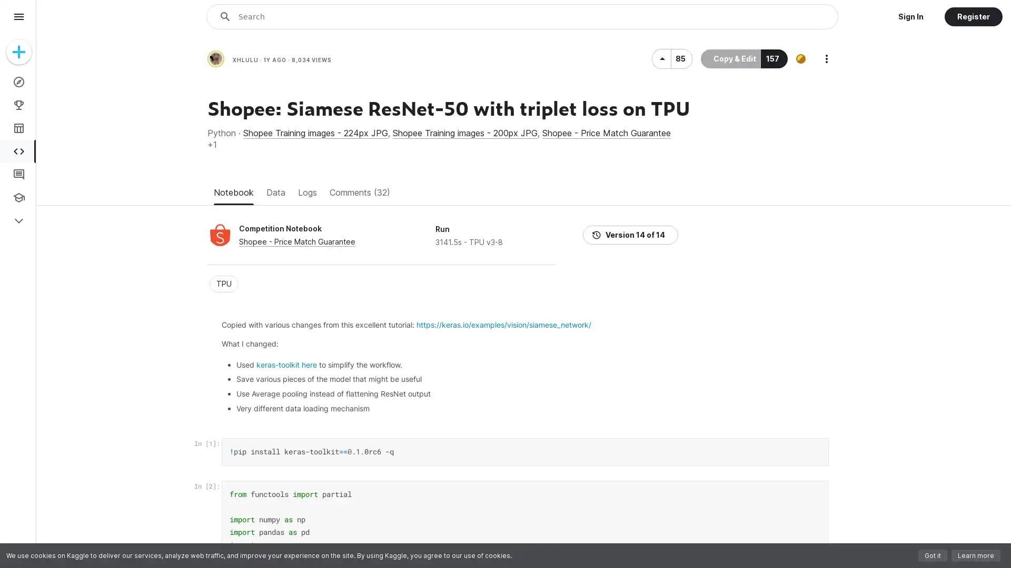 This screenshot has width=1011, height=568. I want to click on Copy & Edit, so click(730, 179).